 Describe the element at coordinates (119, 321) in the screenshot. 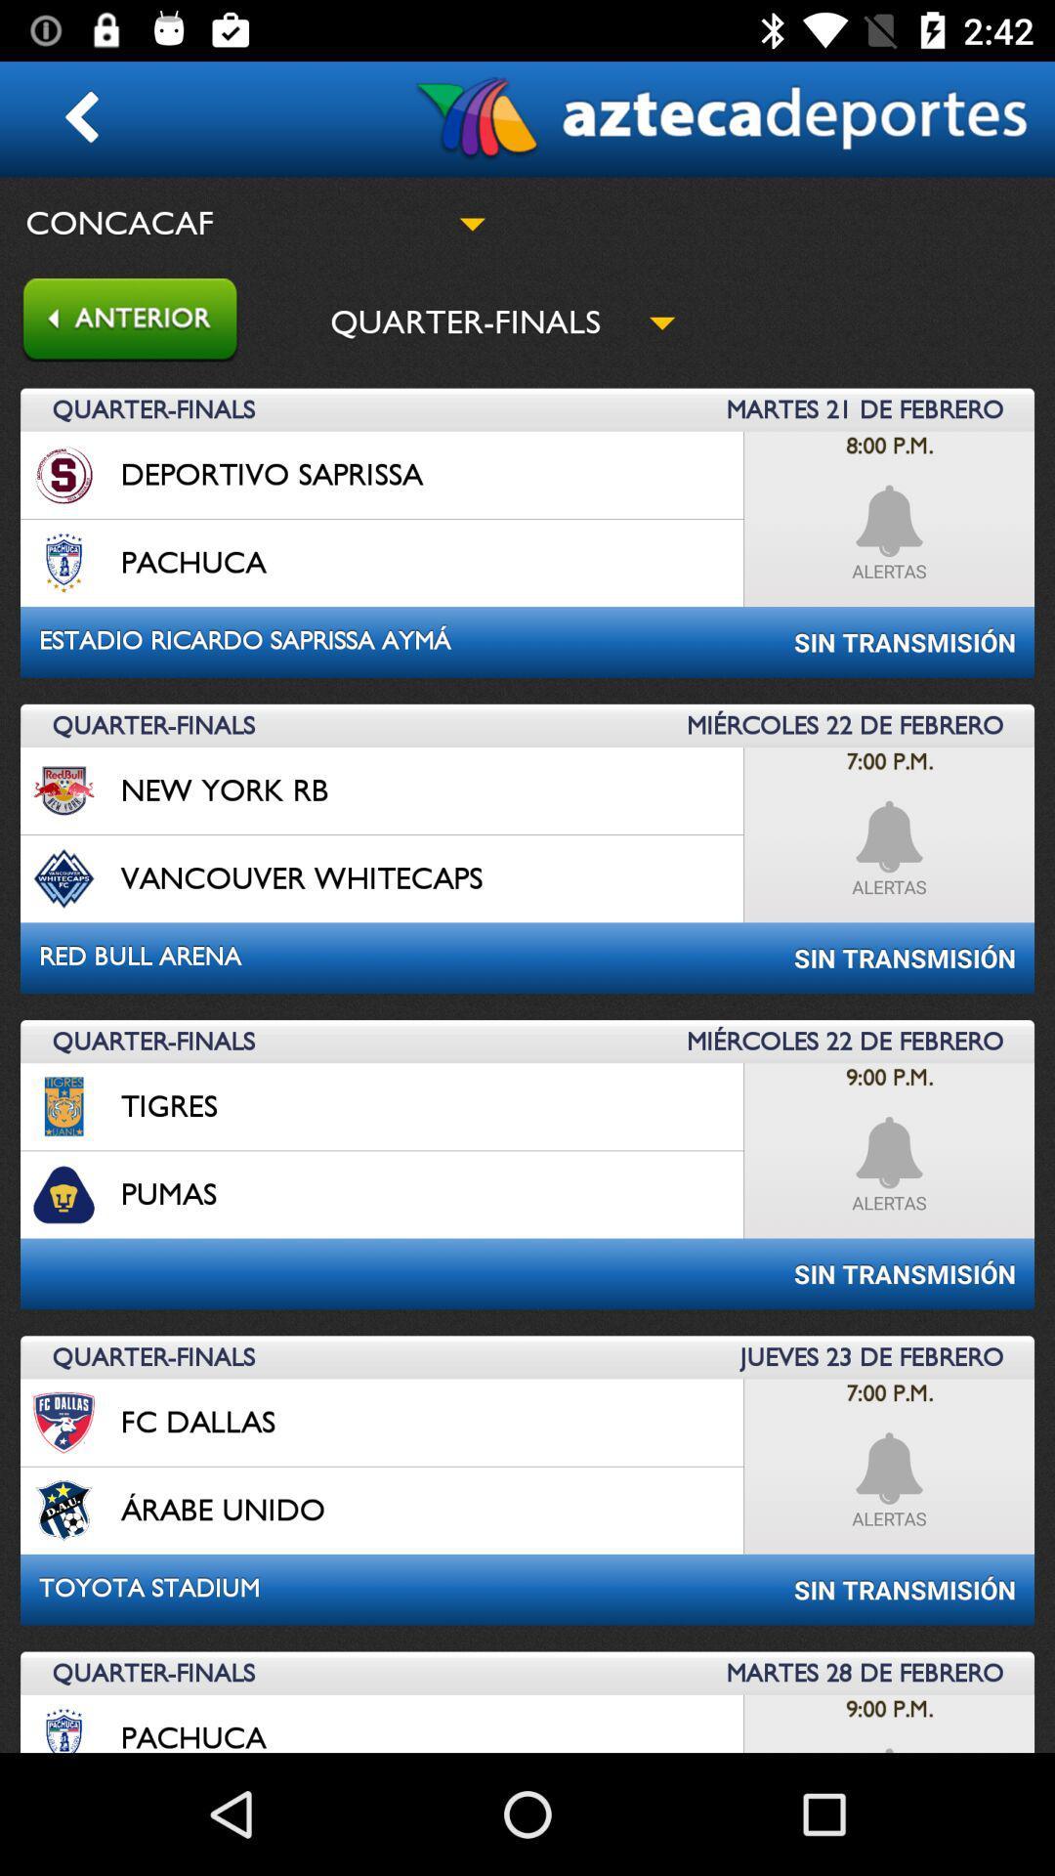

I see `previous page` at that location.